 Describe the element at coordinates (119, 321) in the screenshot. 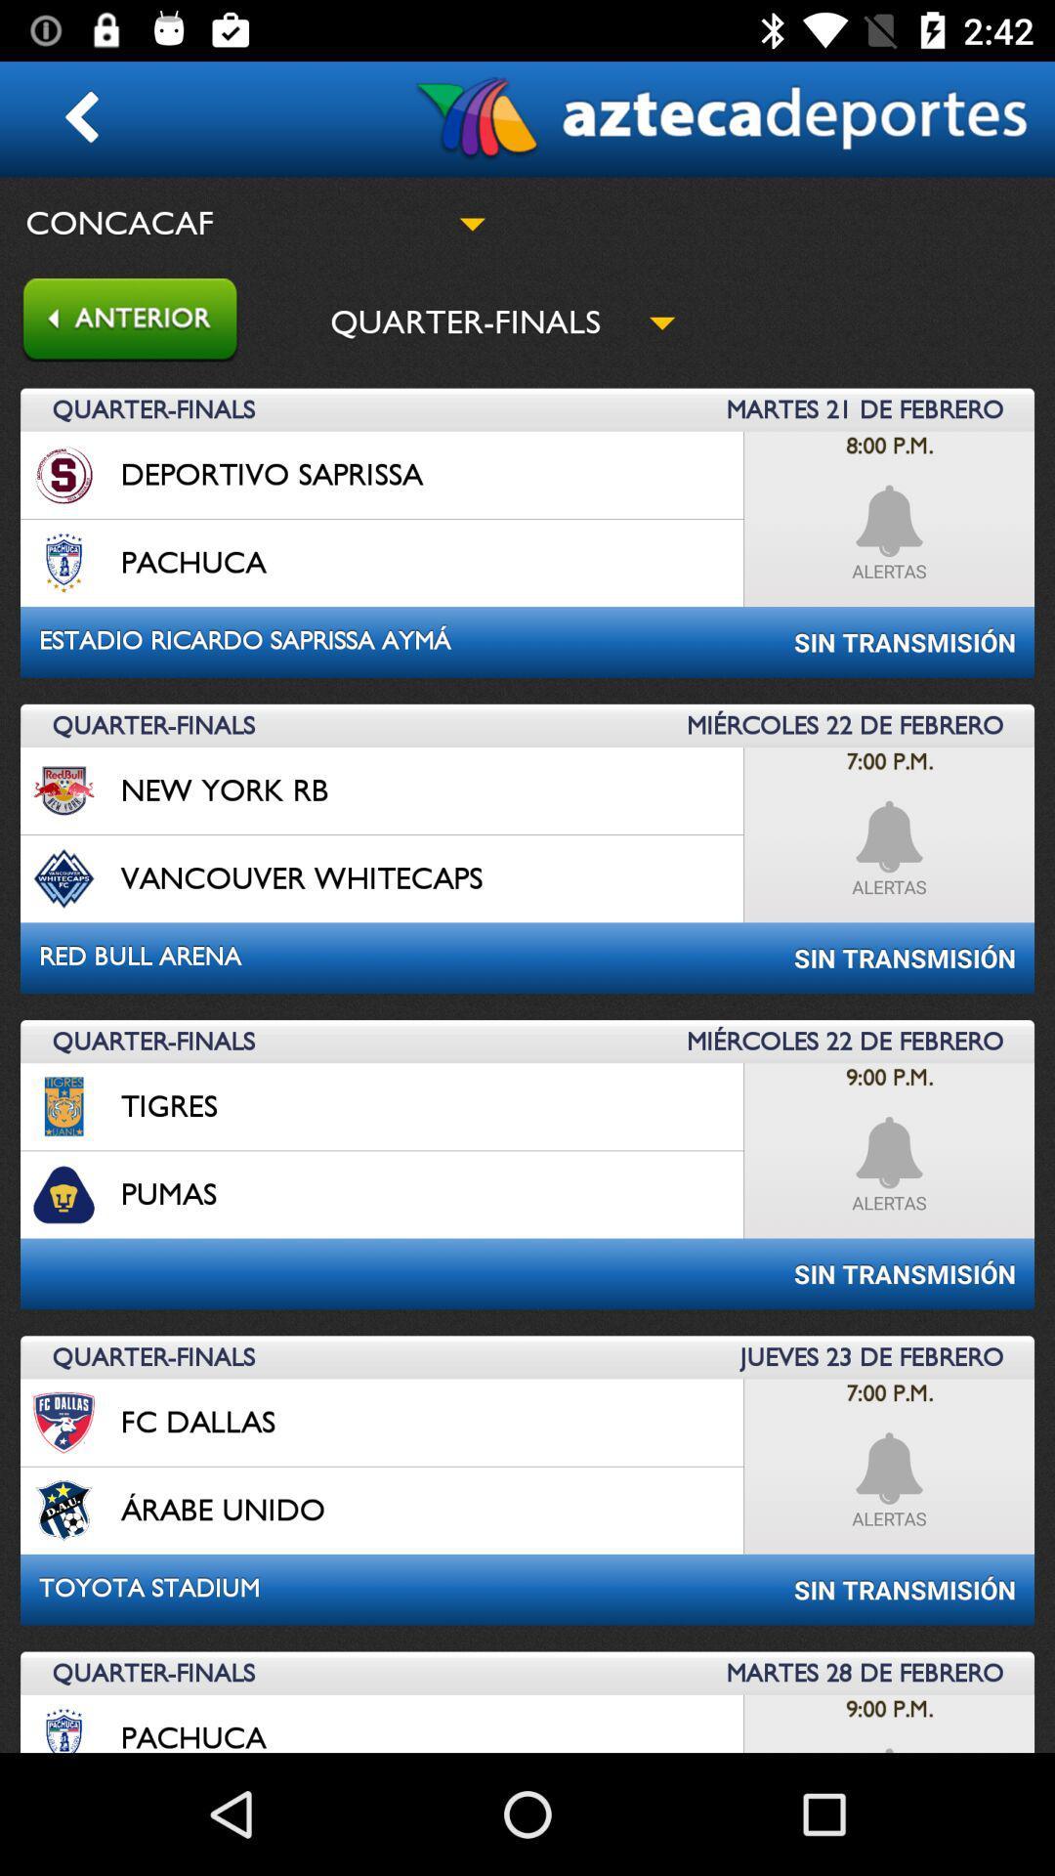

I see `previous page` at that location.